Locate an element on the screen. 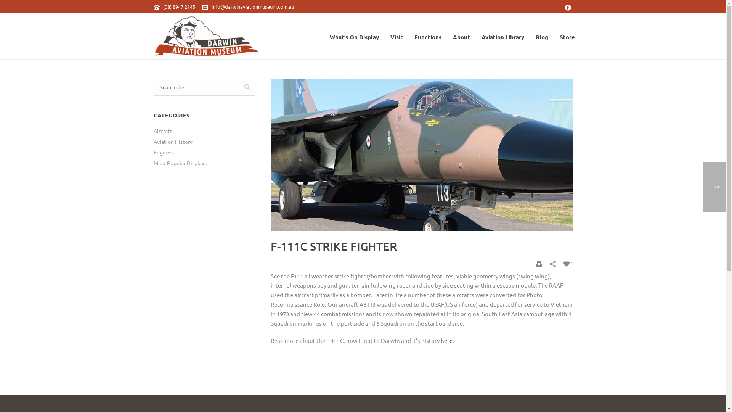 Image resolution: width=732 pixels, height=412 pixels. '(08) 8947 2145' is located at coordinates (179, 6).